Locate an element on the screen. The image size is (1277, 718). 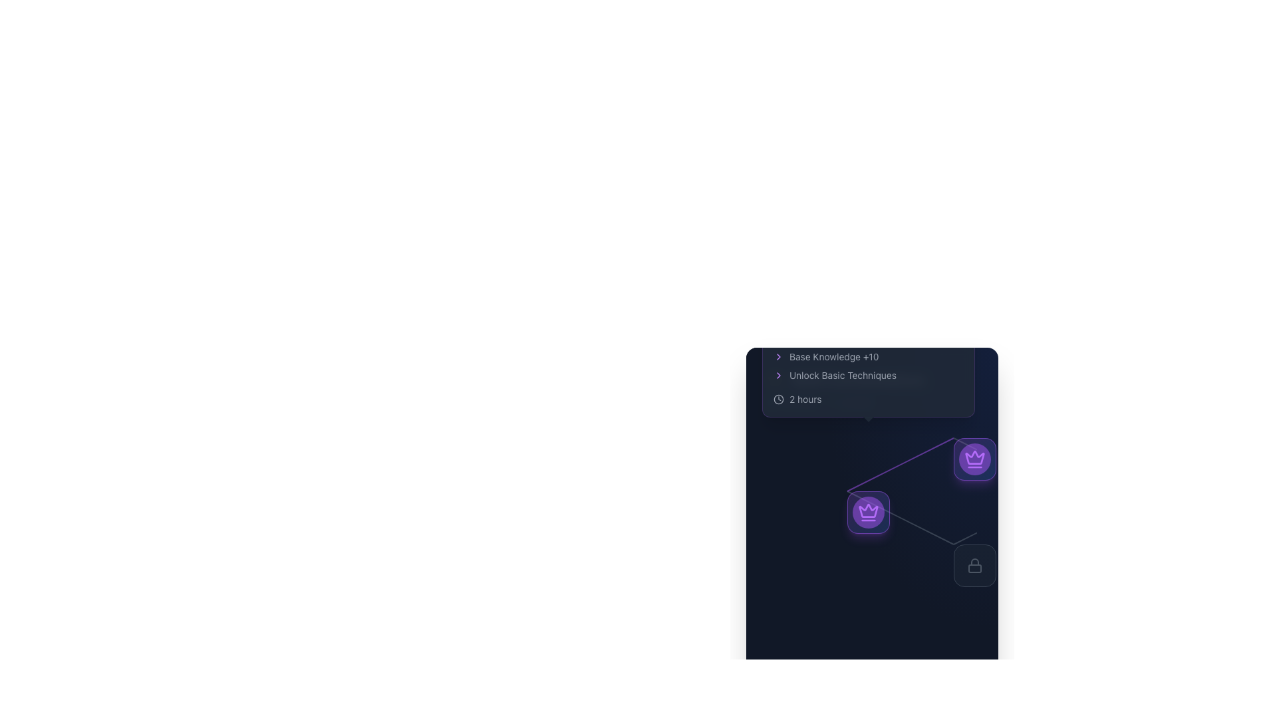
the circular icon with a purple background gradient and a white crown symbol, located at the bottom-left of the progression chart is located at coordinates (868, 512).